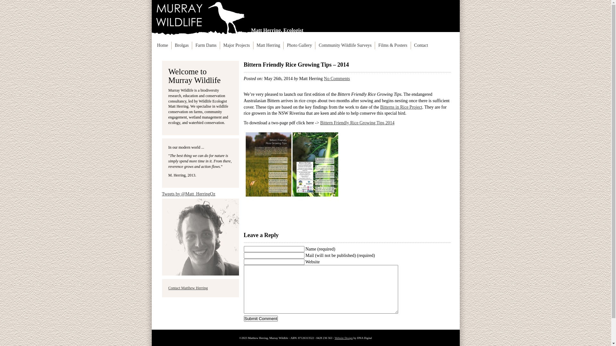 The image size is (616, 346). I want to click on 'Films & Posters', so click(375, 45).